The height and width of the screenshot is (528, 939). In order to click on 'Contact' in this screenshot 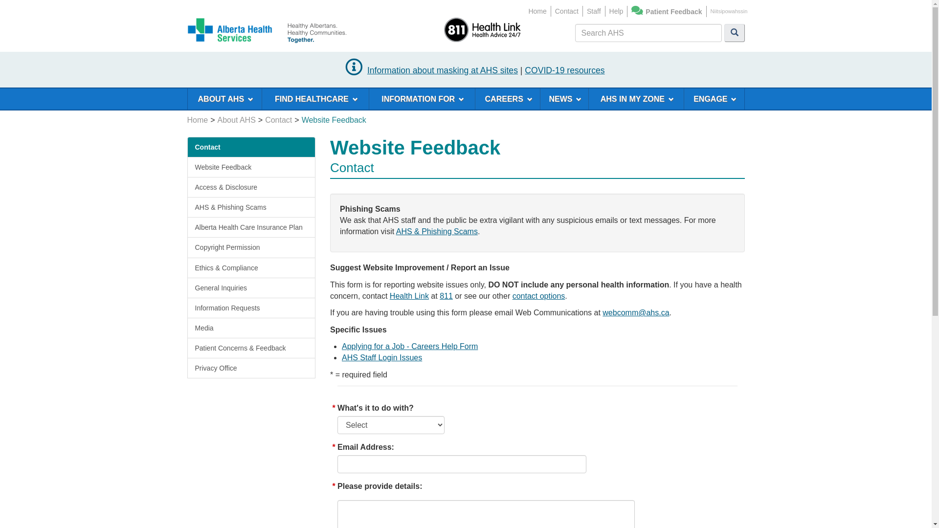, I will do `click(278, 119)`.